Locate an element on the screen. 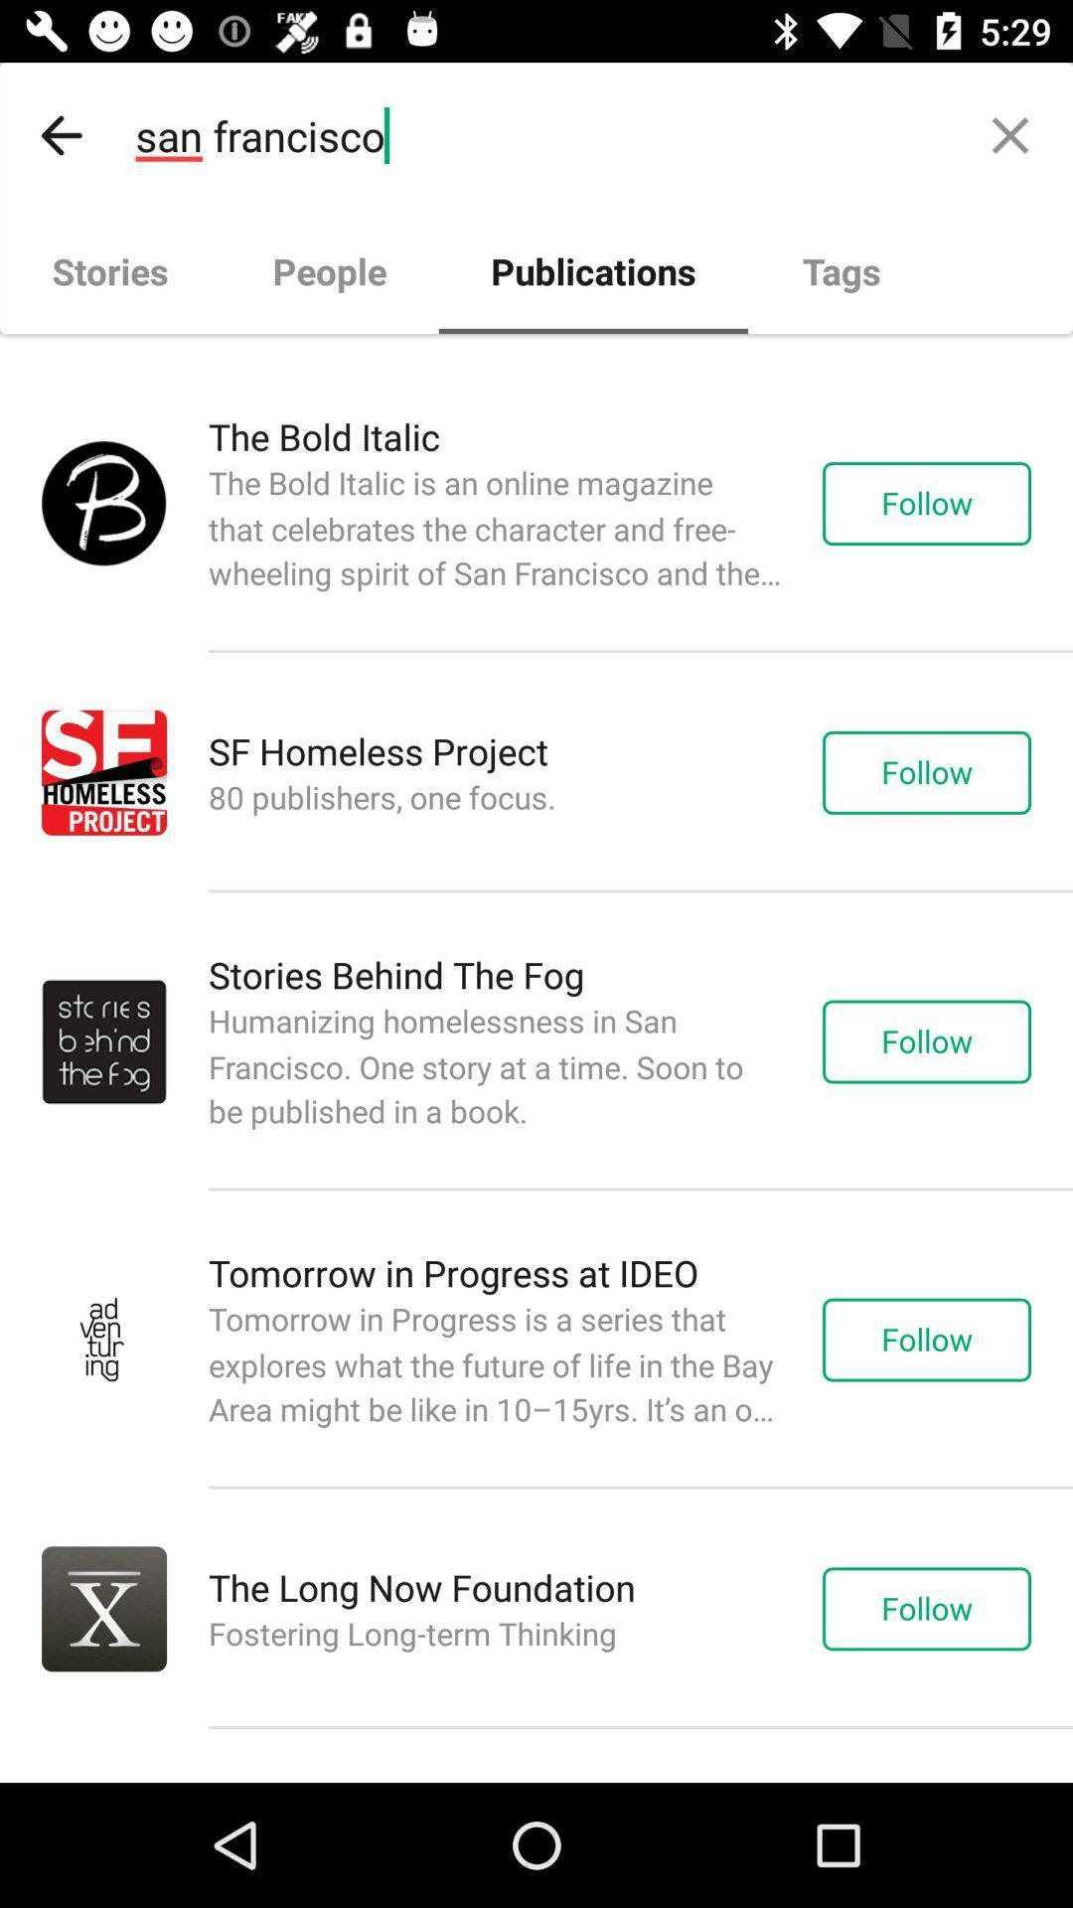 This screenshot has width=1073, height=1908. item next to the san francisco item is located at coordinates (61, 134).